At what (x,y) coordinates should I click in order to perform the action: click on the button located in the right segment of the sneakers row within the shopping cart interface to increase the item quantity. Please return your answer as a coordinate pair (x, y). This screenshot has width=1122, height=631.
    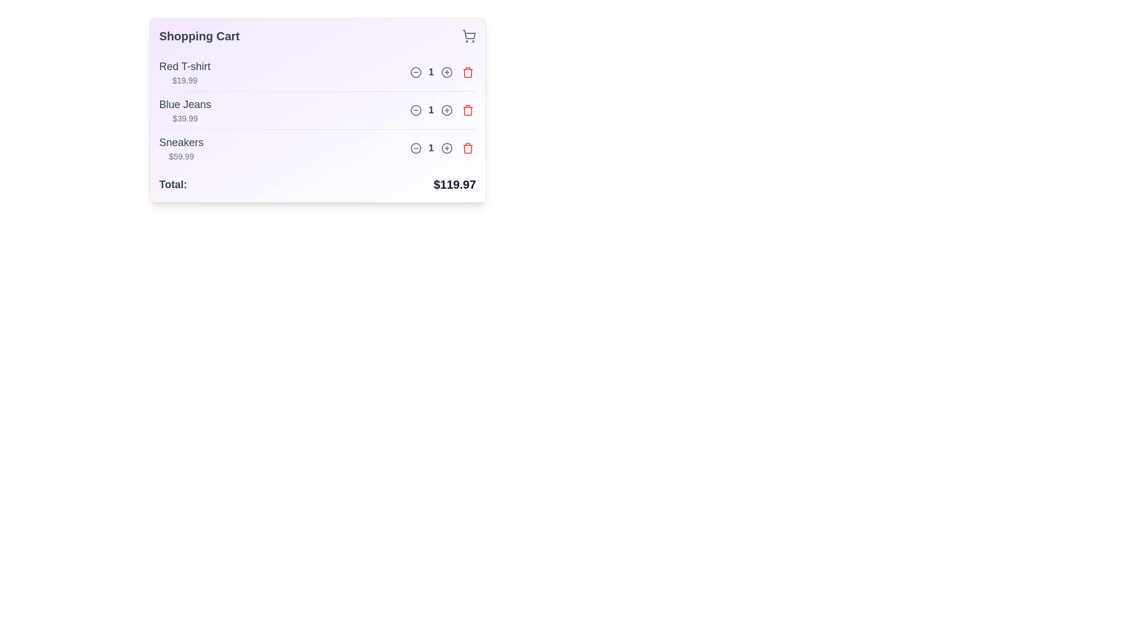
    Looking at the image, I should click on (446, 148).